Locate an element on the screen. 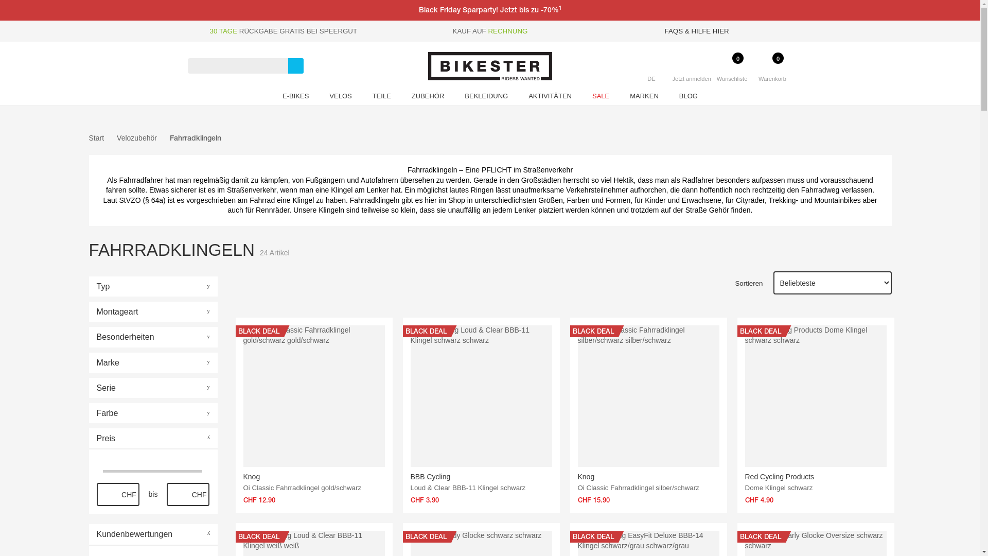  'MARKEN' is located at coordinates (619, 97).